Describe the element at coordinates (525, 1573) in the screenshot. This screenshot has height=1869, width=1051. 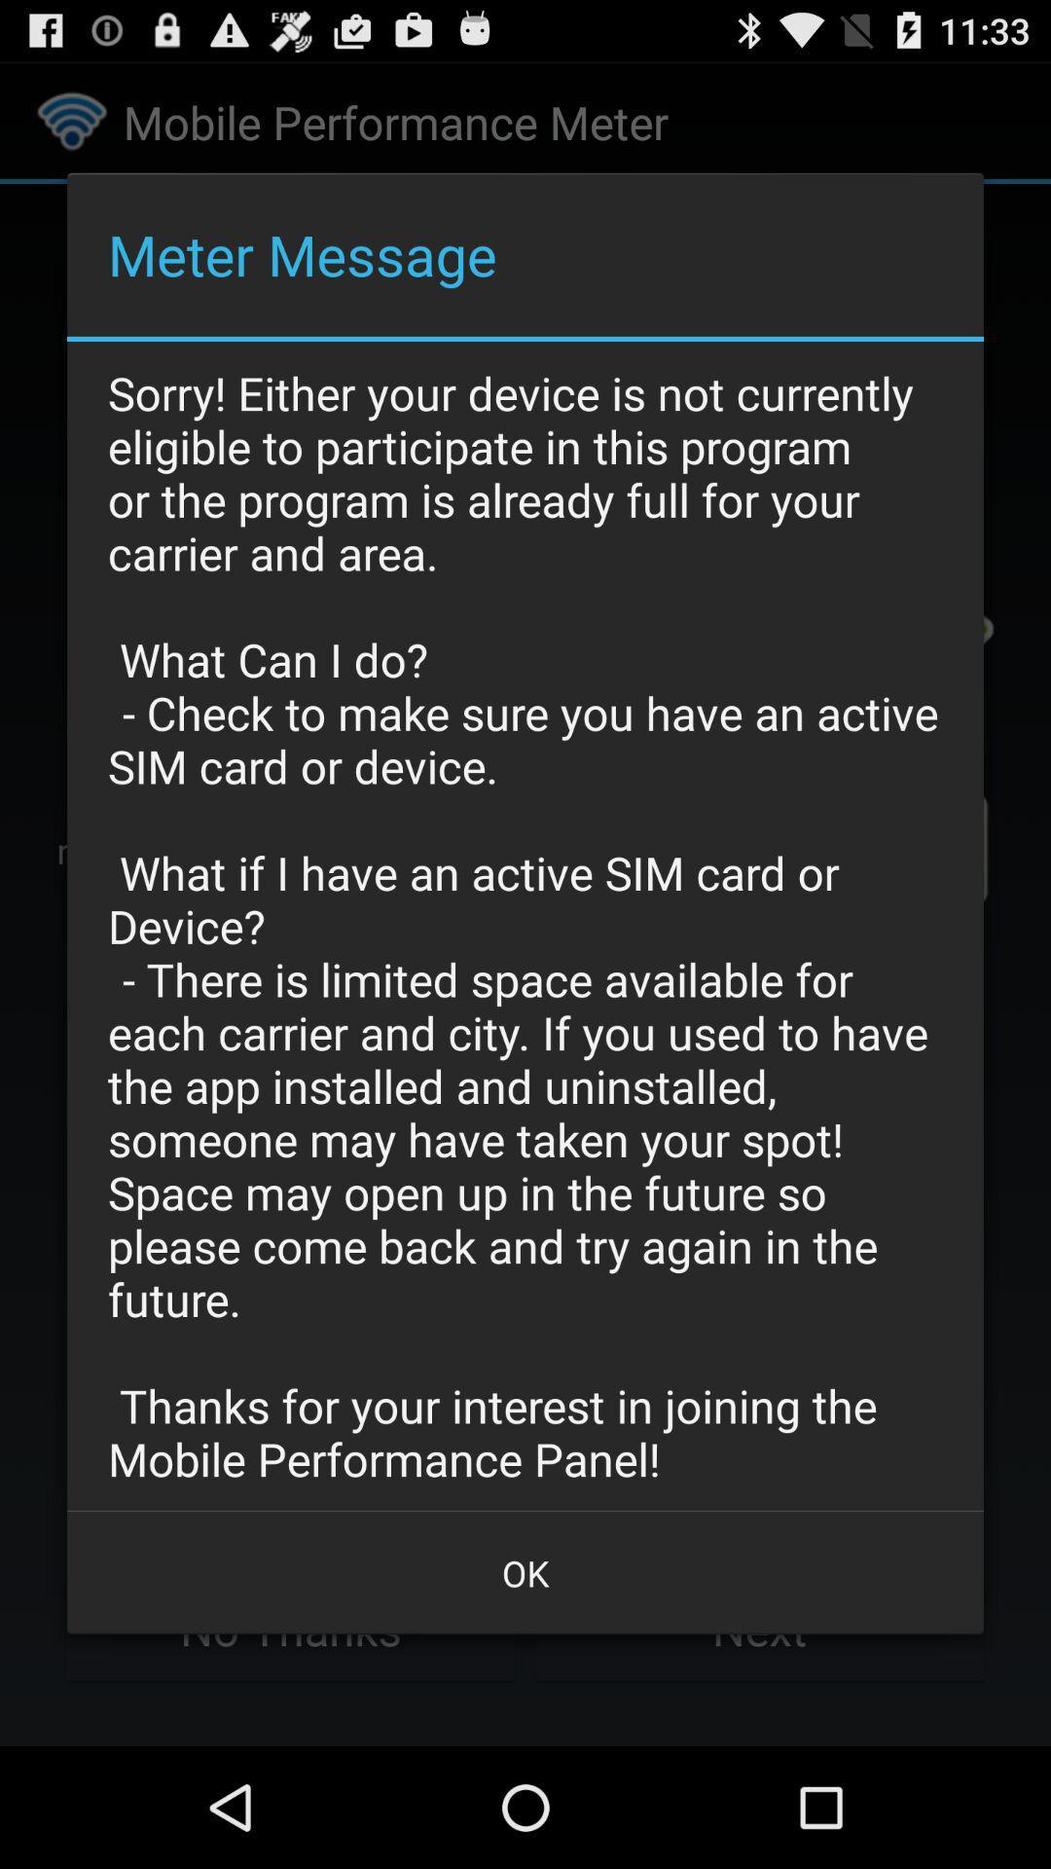
I see `the icon below sorry either your` at that location.